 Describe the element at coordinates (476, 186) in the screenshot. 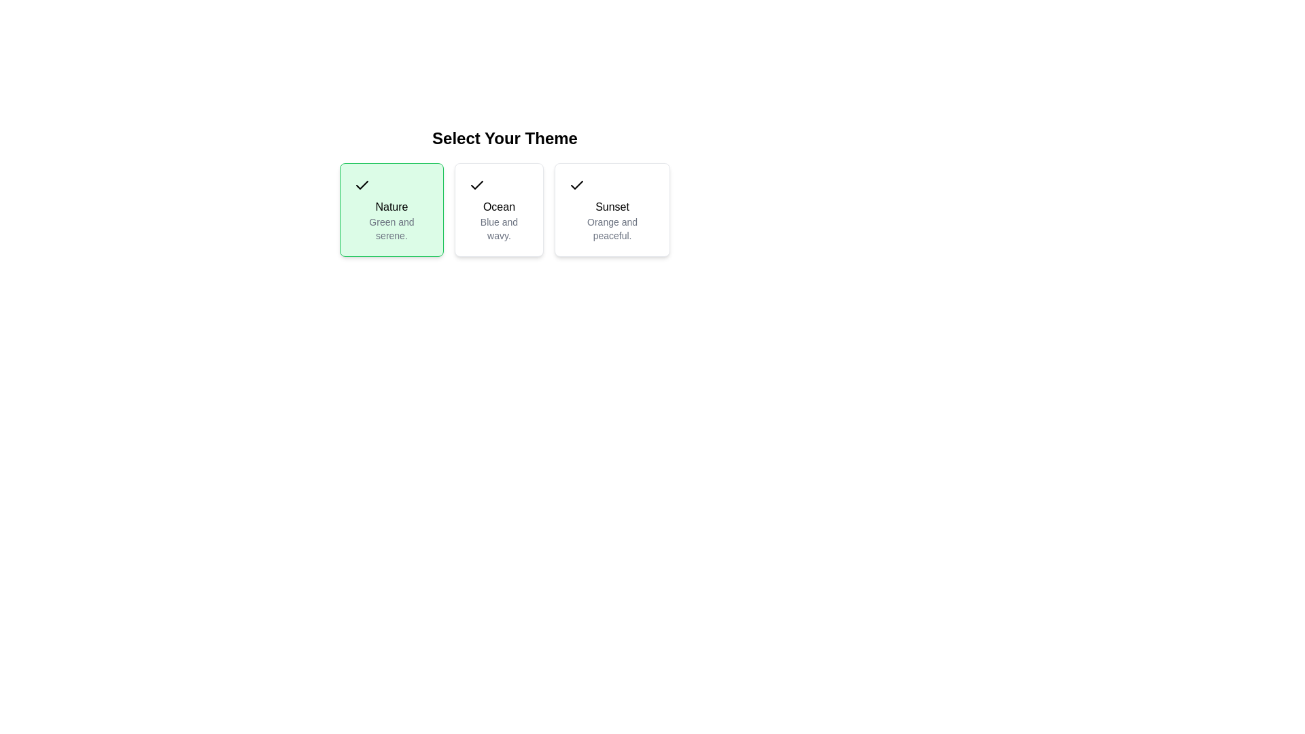

I see `the checkmark icon located at the top-left corner of the 'Ocean' theme card, which is labeled 'Blue and wavy'` at that location.